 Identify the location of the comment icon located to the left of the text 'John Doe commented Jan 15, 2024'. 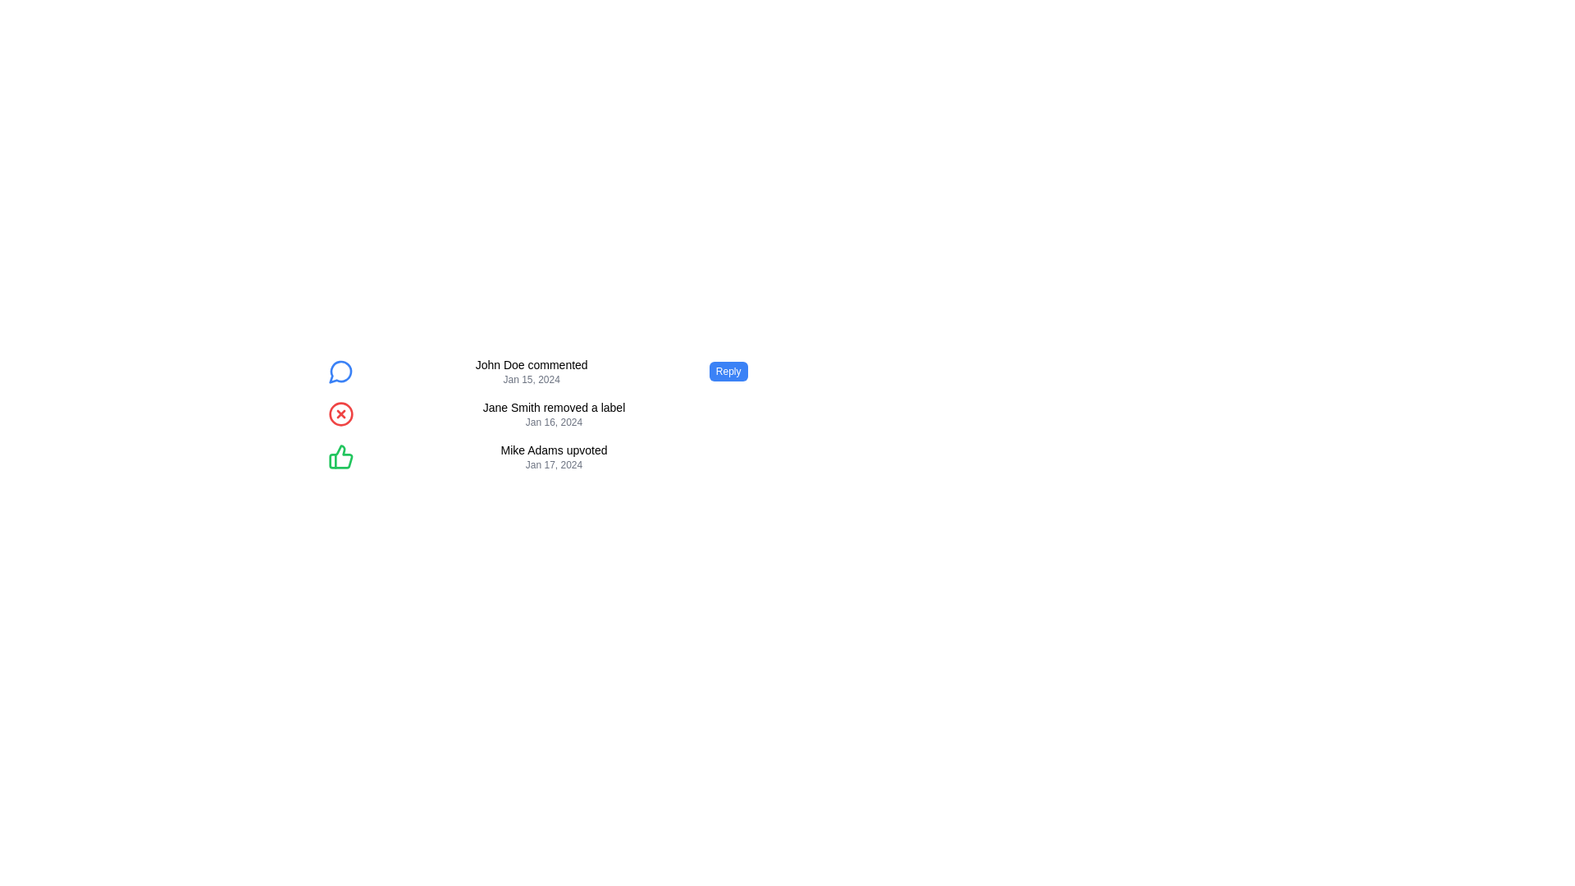
(340, 371).